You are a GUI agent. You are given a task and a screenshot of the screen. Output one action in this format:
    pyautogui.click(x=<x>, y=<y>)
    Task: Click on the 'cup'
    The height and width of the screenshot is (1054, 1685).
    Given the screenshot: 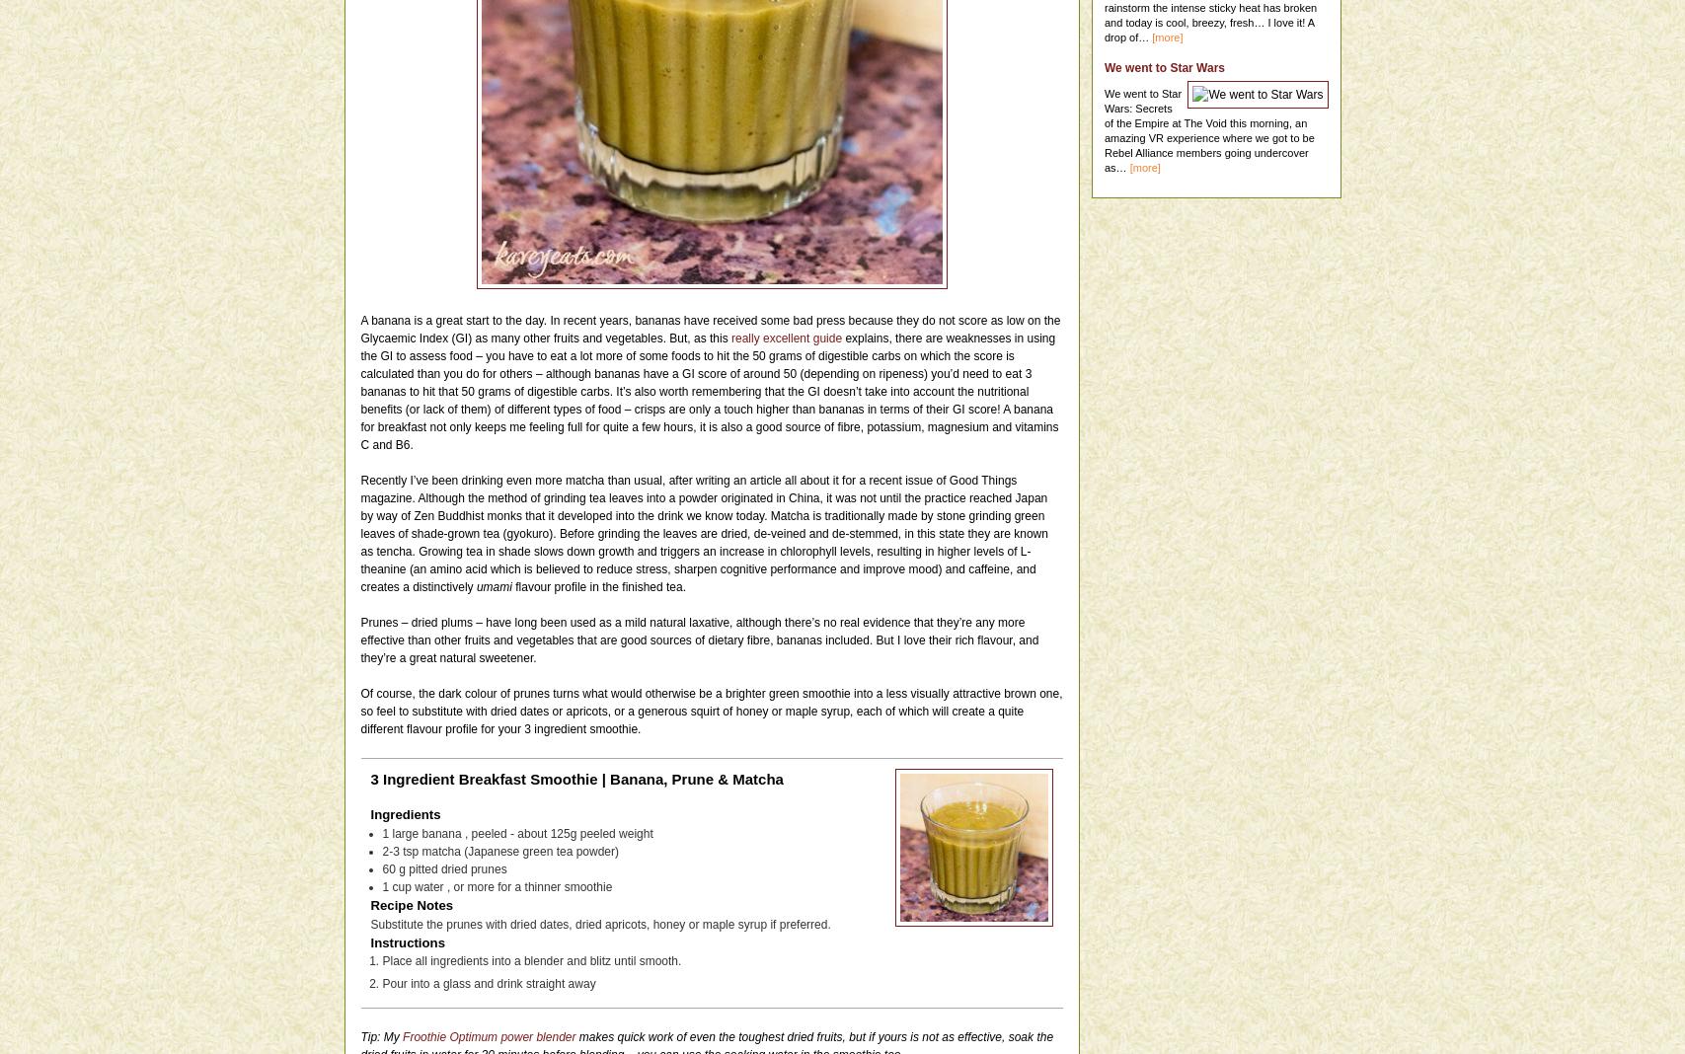 What is the action you would take?
    pyautogui.click(x=392, y=884)
    